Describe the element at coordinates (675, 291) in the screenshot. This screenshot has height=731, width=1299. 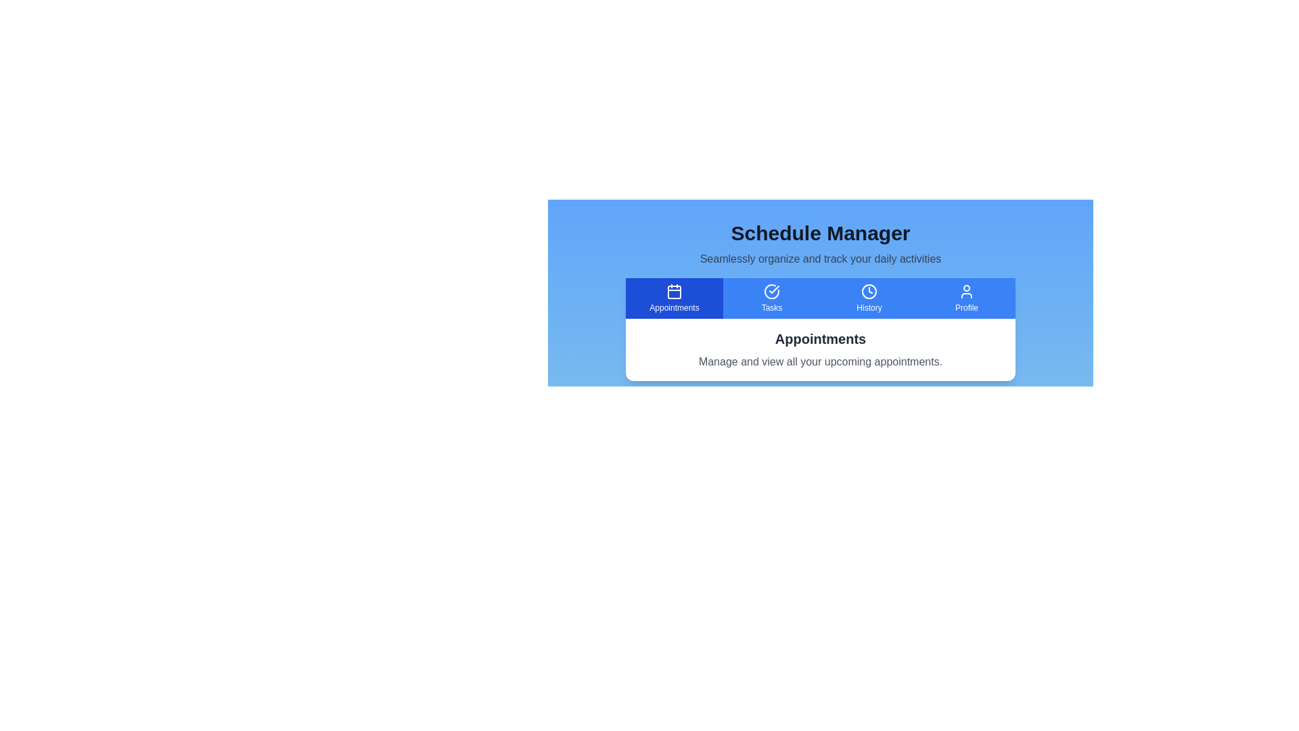
I see `the calendar icon located centrally in the blue rectangle of the 'Appointments' button in the horizontal navigation bar` at that location.